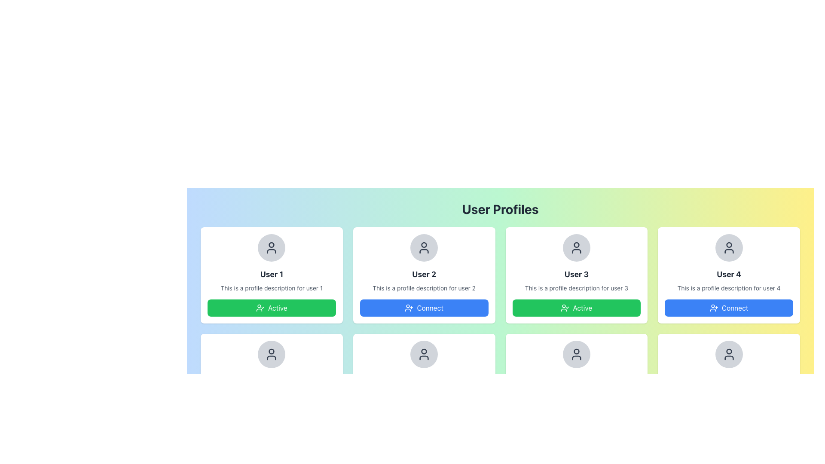 This screenshot has width=825, height=464. What do you see at coordinates (271, 248) in the screenshot?
I see `the SVG user profile icon located in the 'User Profiles' section, which features a circular head and torso, styled in gray, and is labeled 'User 1'` at bounding box center [271, 248].